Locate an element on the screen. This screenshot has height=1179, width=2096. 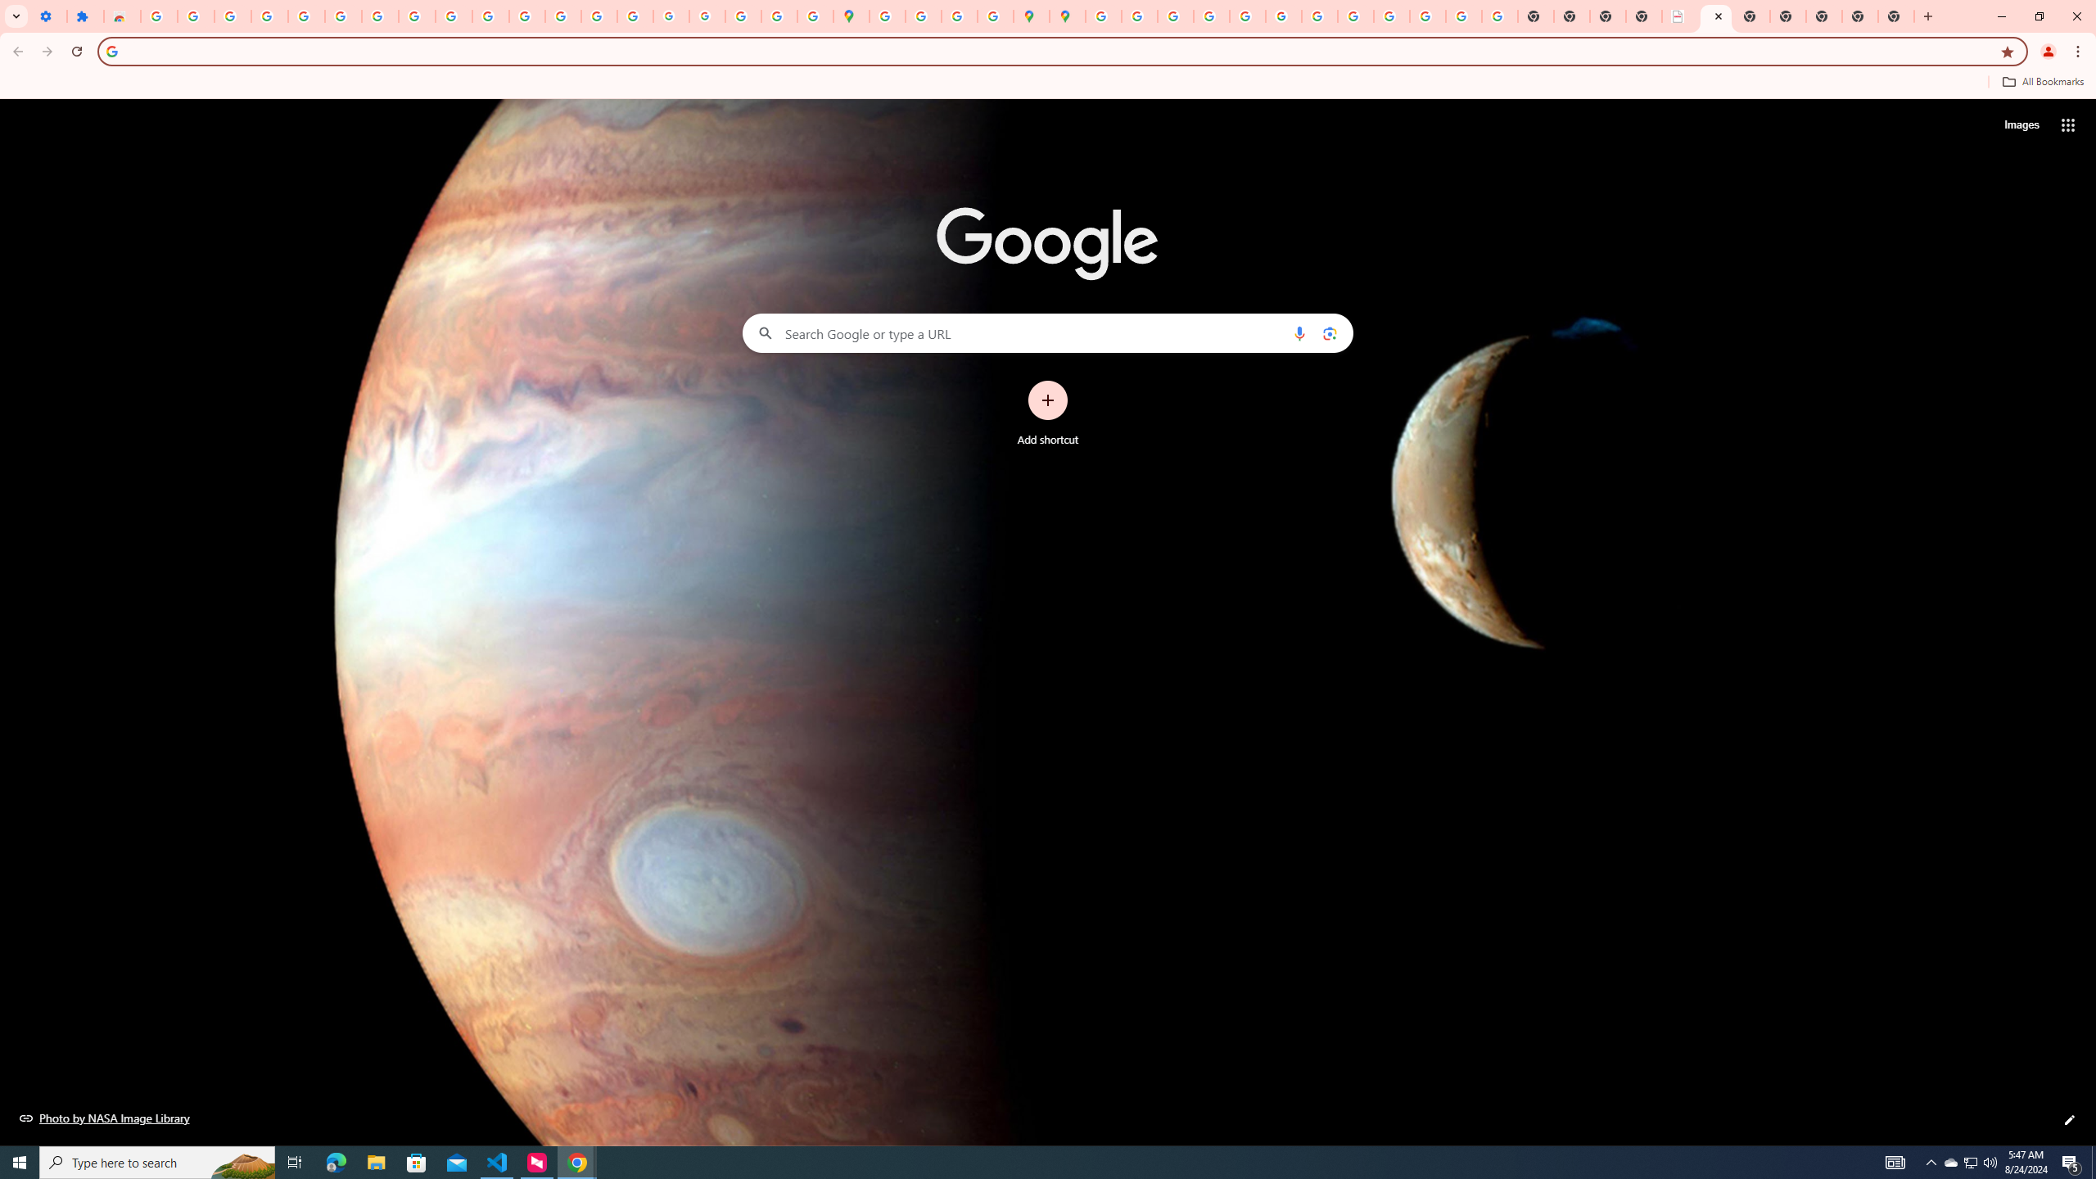
'Delete photos & videos - Computer - Google Photos Help' is located at coordinates (233, 16).